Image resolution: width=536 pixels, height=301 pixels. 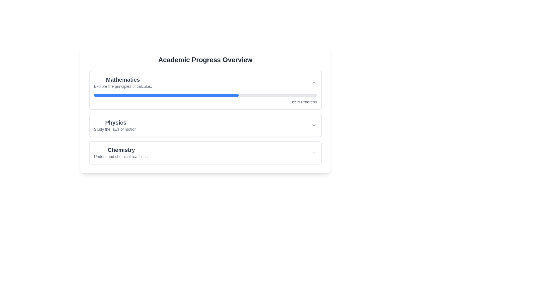 What do you see at coordinates (205, 152) in the screenshot?
I see `the third interactive list item labeled 'Chemistry'` at bounding box center [205, 152].